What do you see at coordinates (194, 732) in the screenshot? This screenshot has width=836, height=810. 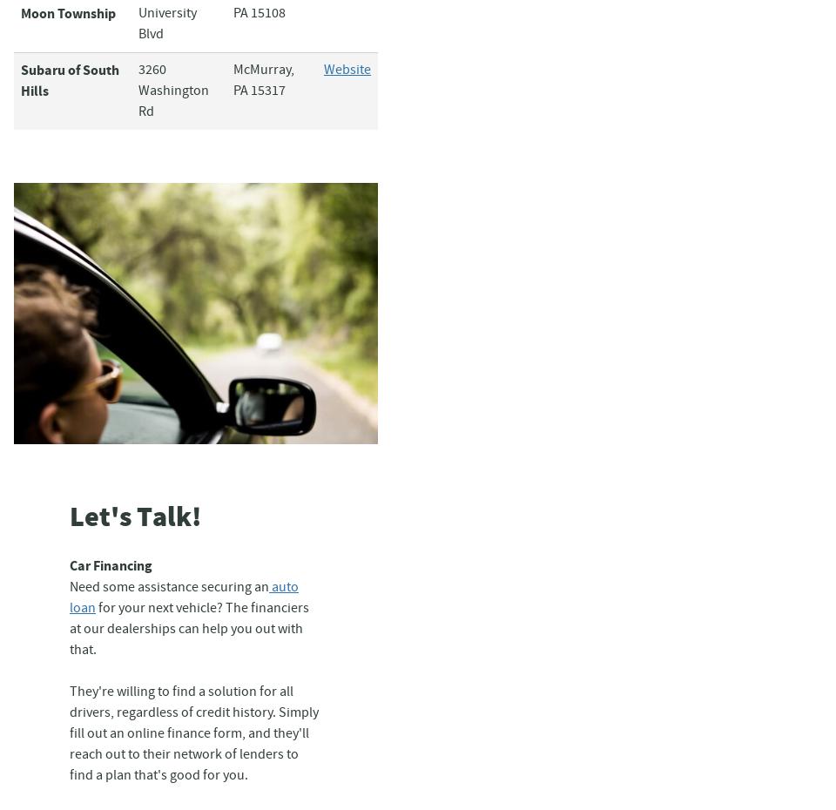 I see `'They're willing to find a solution for all drivers, regardless of credit history. Simply fill out an online finance form, and they'll reach out to their network of lenders to find a plan that's good for you.'` at bounding box center [194, 732].